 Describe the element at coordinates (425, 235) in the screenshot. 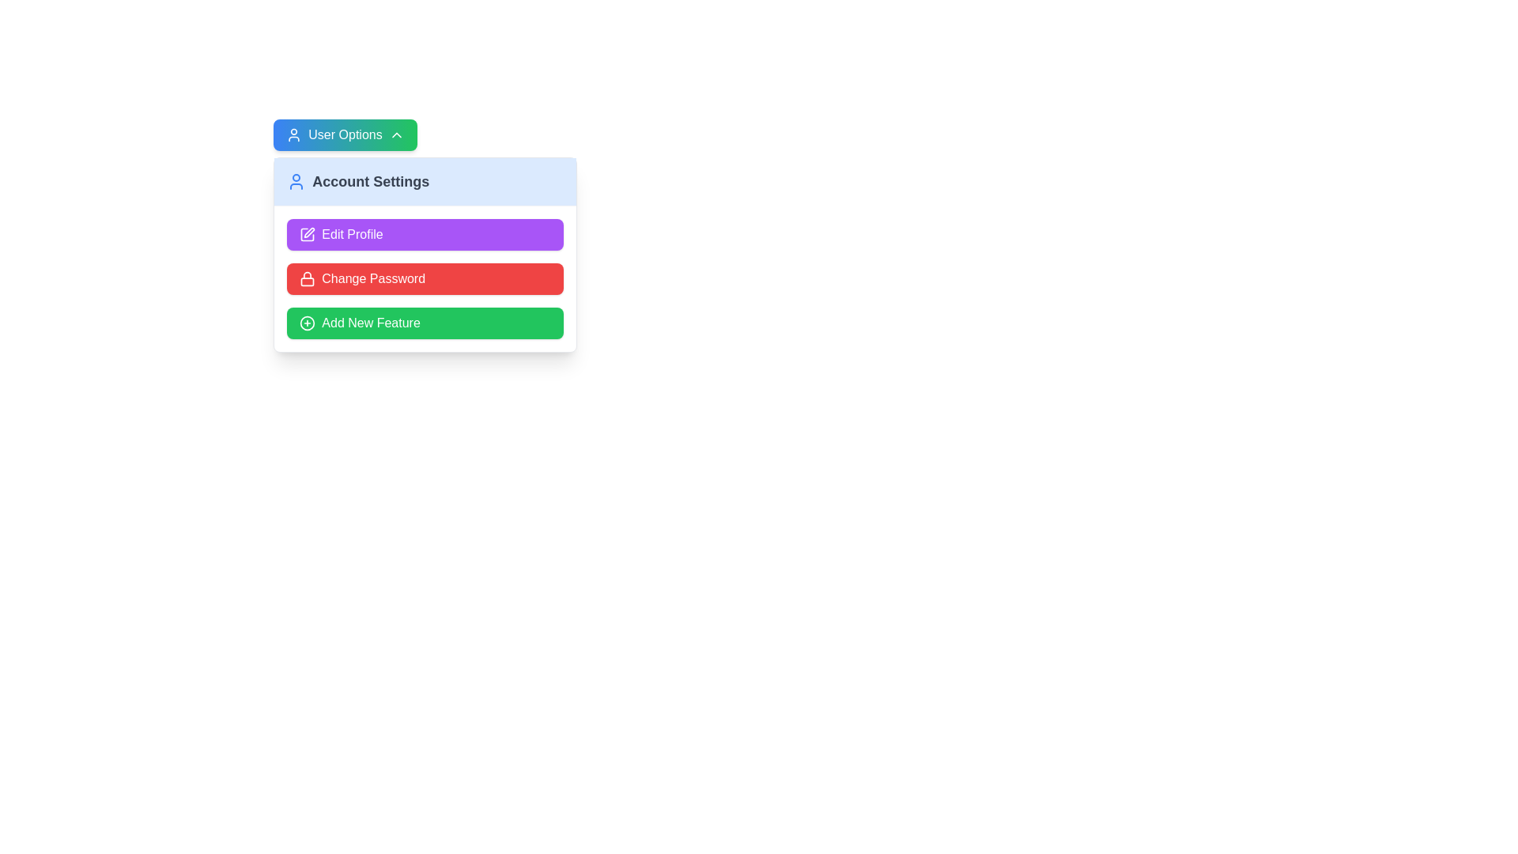

I see `the 'Edit Profile' button located under the 'Account Settings' section` at that location.